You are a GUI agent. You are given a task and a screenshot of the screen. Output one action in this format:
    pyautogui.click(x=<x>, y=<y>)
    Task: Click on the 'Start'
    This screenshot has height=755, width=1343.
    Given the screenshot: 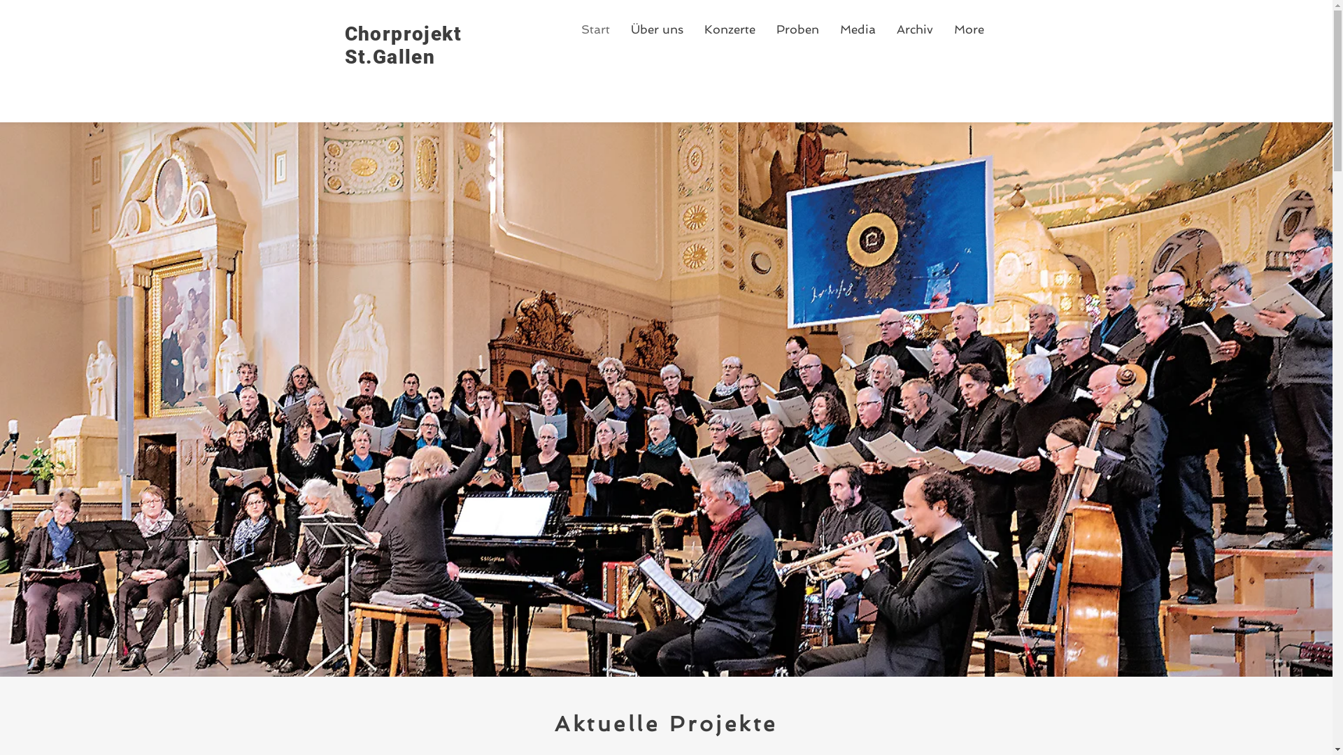 What is the action you would take?
    pyautogui.click(x=595, y=29)
    